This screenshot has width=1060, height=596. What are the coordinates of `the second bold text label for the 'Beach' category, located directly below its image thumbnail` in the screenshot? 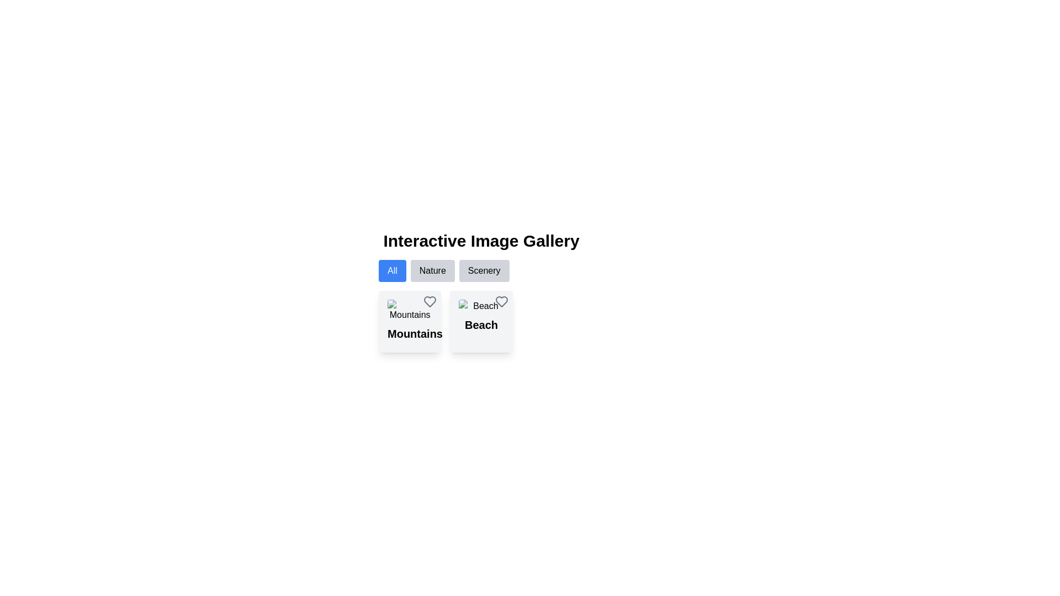 It's located at (481, 324).